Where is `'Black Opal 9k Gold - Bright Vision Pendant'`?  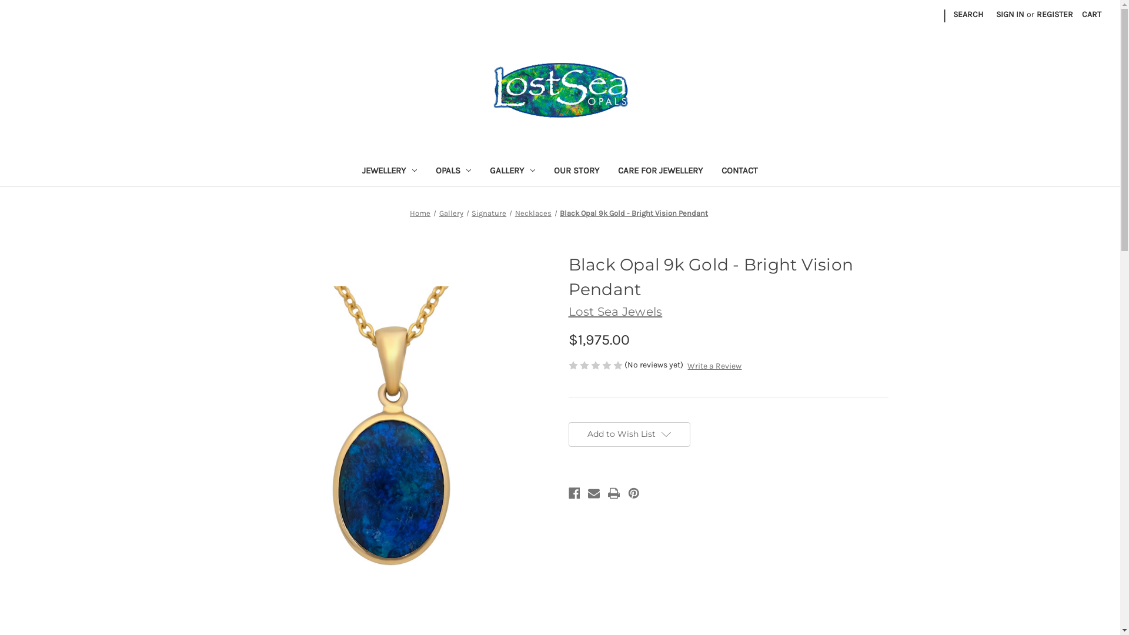
'Black Opal 9k Gold - Bright Vision Pendant' is located at coordinates (633, 213).